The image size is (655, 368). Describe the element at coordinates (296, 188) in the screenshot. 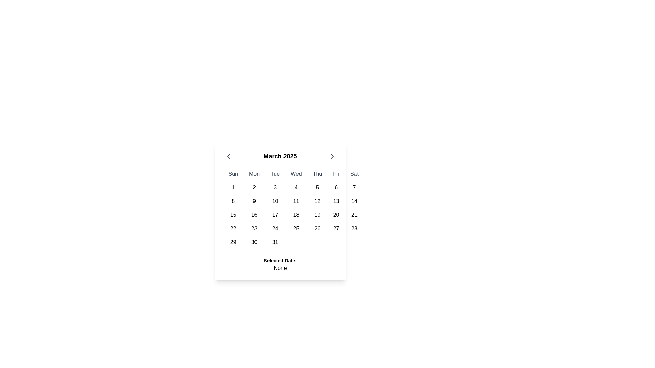

I see `the selectable date option button for the 4th of the current month and year in the calendar interface, located under the 'Wed' column` at that location.